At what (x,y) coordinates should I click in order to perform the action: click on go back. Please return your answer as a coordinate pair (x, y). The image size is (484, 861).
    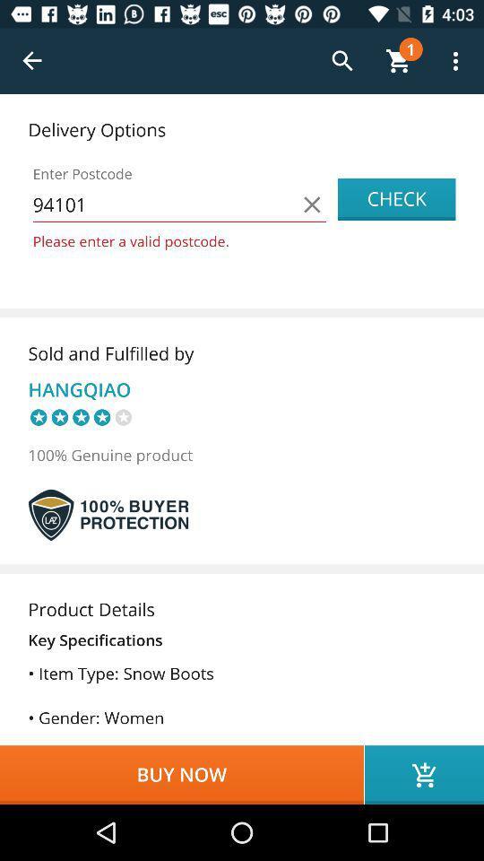
    Looking at the image, I should click on (32, 61).